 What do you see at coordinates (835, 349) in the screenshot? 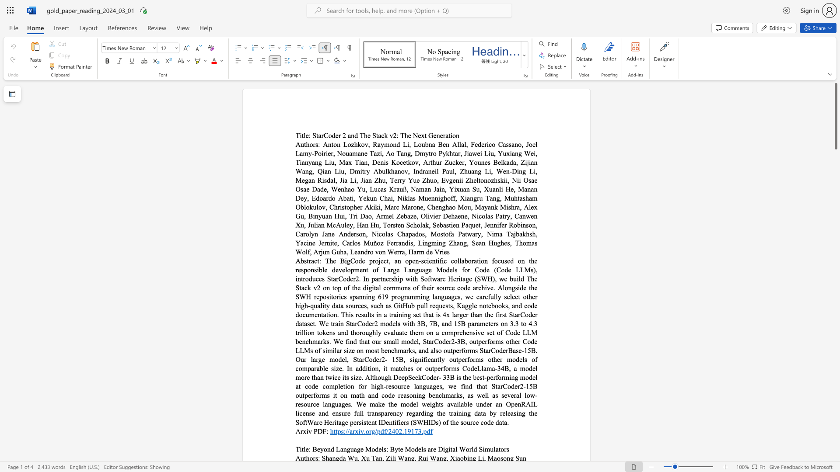
I see `the scrollbar on the right to shift the page lower` at bounding box center [835, 349].